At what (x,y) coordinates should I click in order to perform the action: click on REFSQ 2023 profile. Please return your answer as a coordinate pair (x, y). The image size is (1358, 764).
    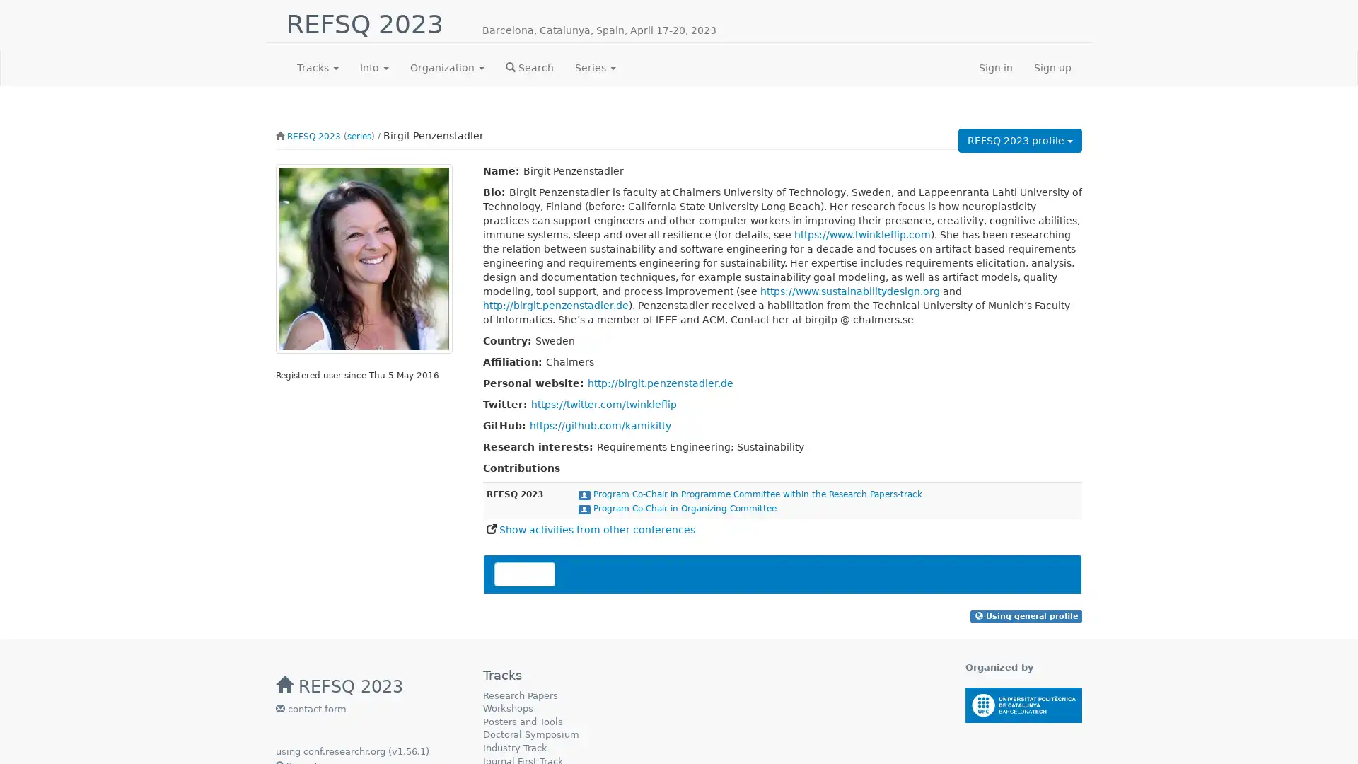
    Looking at the image, I should click on (1020, 141).